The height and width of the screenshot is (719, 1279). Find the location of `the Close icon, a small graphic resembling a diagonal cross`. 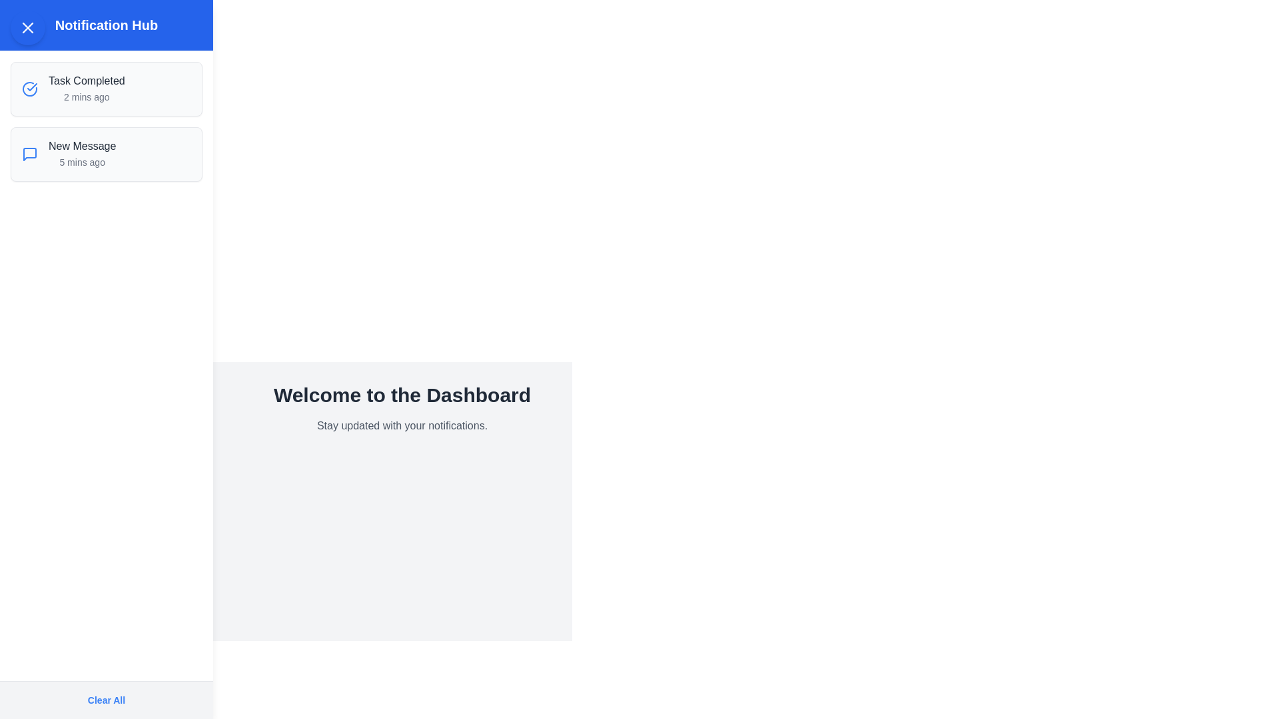

the Close icon, a small graphic resembling a diagonal cross is located at coordinates (28, 28).